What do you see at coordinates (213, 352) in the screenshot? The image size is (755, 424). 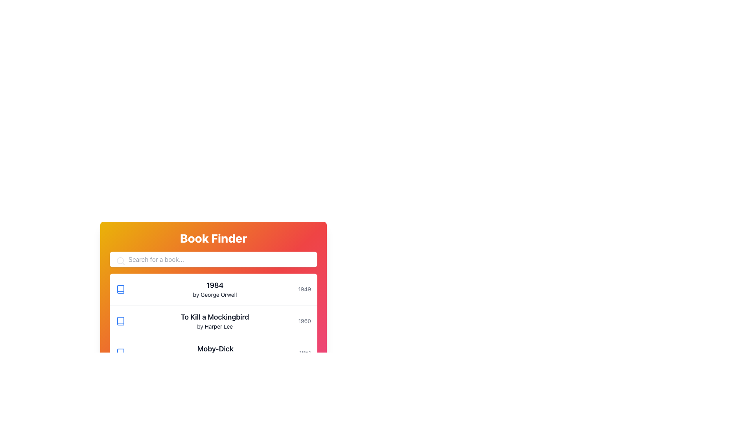 I see `the list item representing the book 'Moby-Dick' located in the 'Book Finder' section, which is the third item in the list` at bounding box center [213, 352].